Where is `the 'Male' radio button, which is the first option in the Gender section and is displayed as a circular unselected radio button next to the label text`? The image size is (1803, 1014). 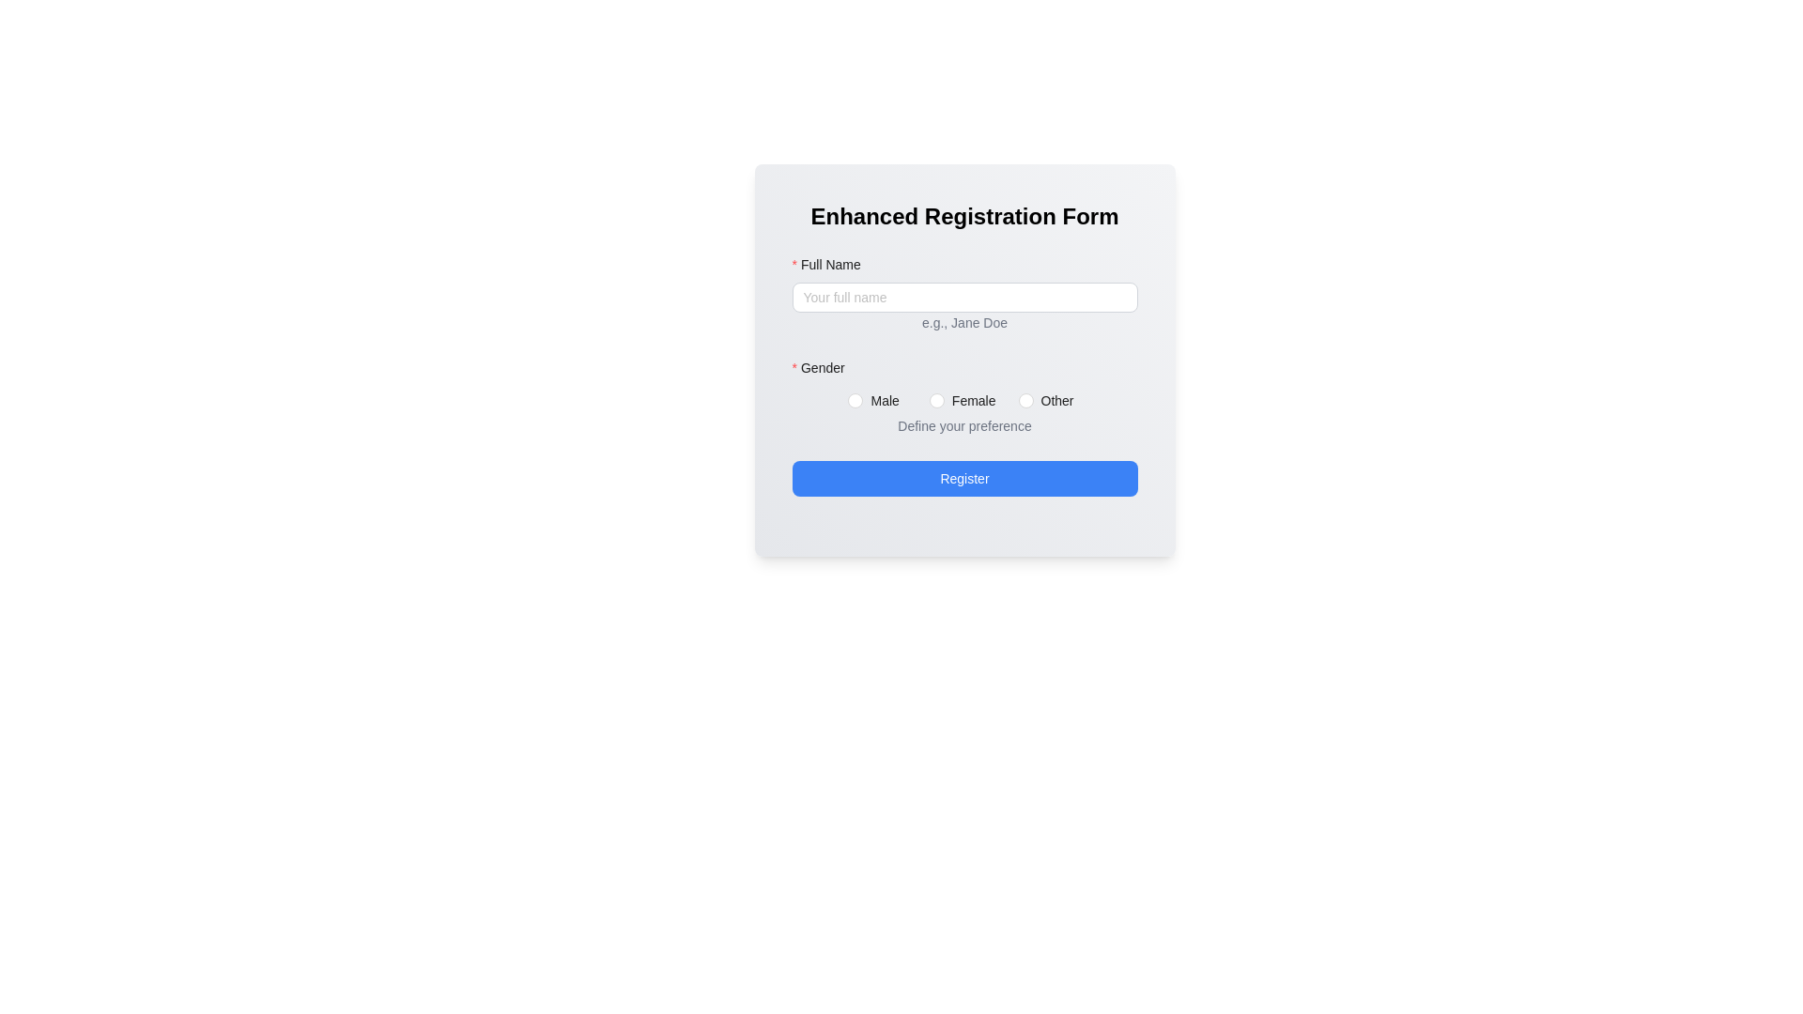
the 'Male' radio button, which is the first option in the Gender section and is displayed as a circular unselected radio button next to the label text is located at coordinates (876, 400).